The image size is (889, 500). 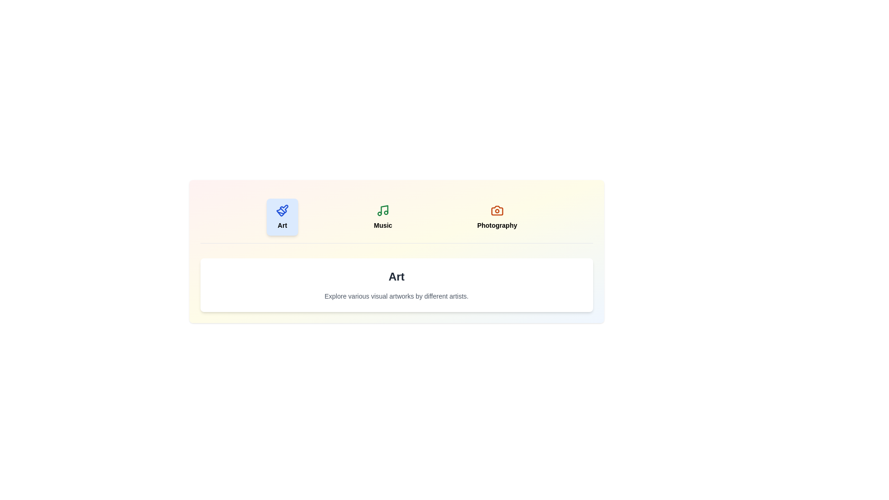 I want to click on the Photography tab, so click(x=496, y=217).